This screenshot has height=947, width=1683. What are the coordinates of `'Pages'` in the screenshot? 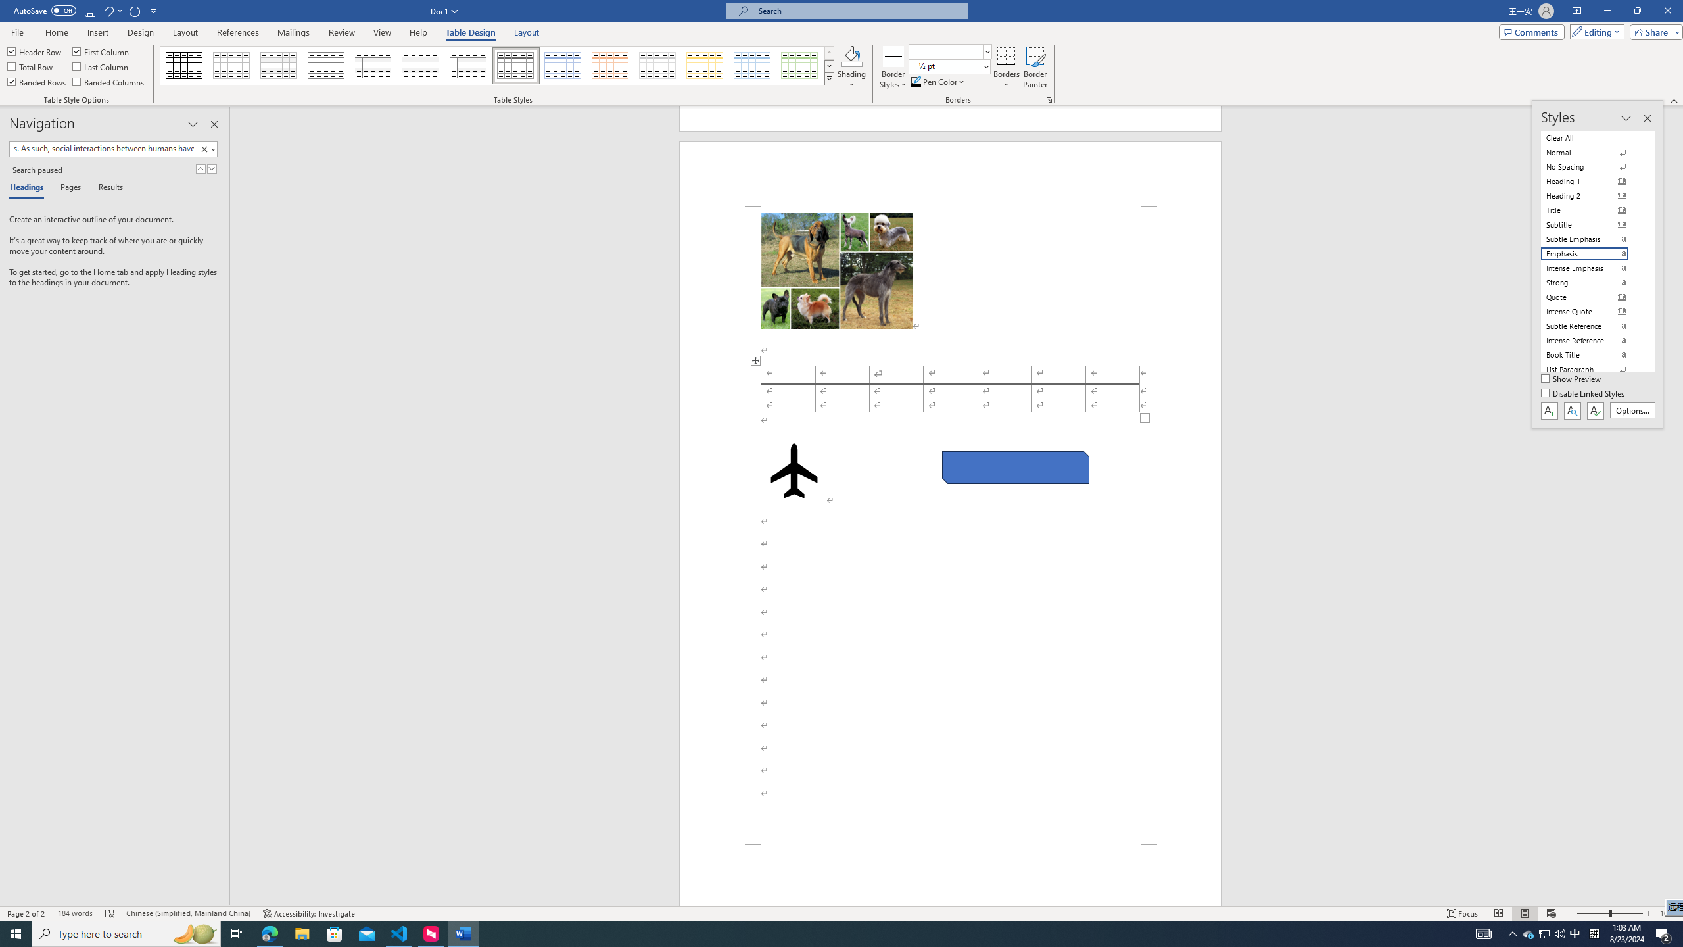 It's located at (68, 188).